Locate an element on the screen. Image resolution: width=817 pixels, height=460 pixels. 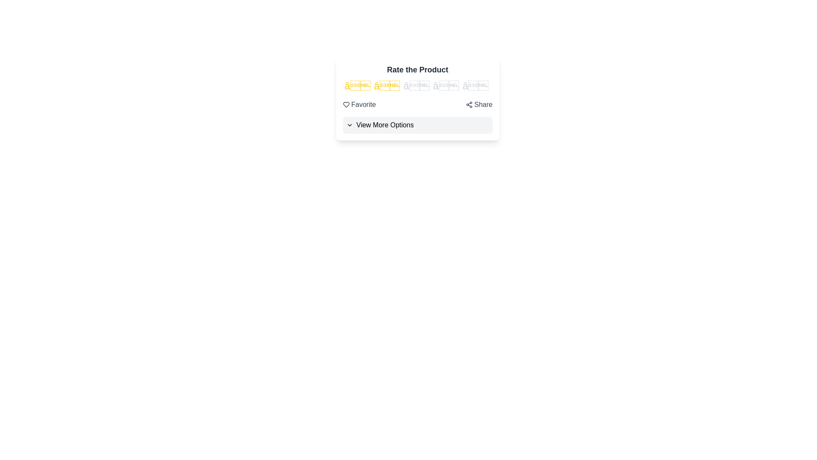
the rating to 5 stars by clicking on the corresponding star is located at coordinates (475, 86).